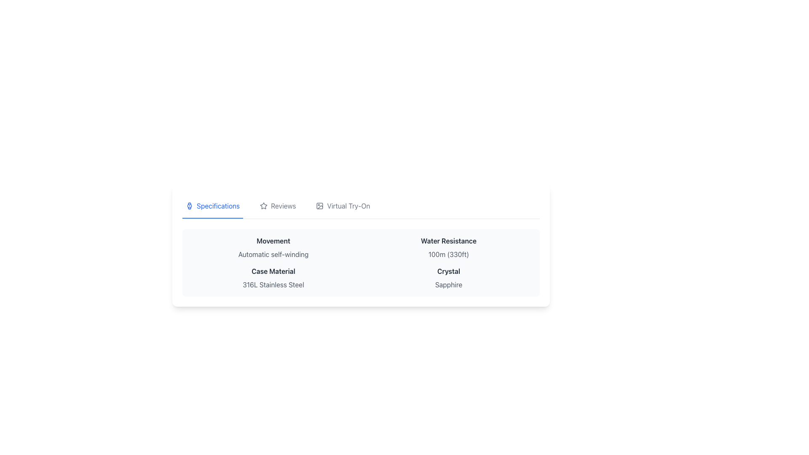  Describe the element at coordinates (278, 206) in the screenshot. I see `the 'Reviews' tab in the navigation bar` at that location.